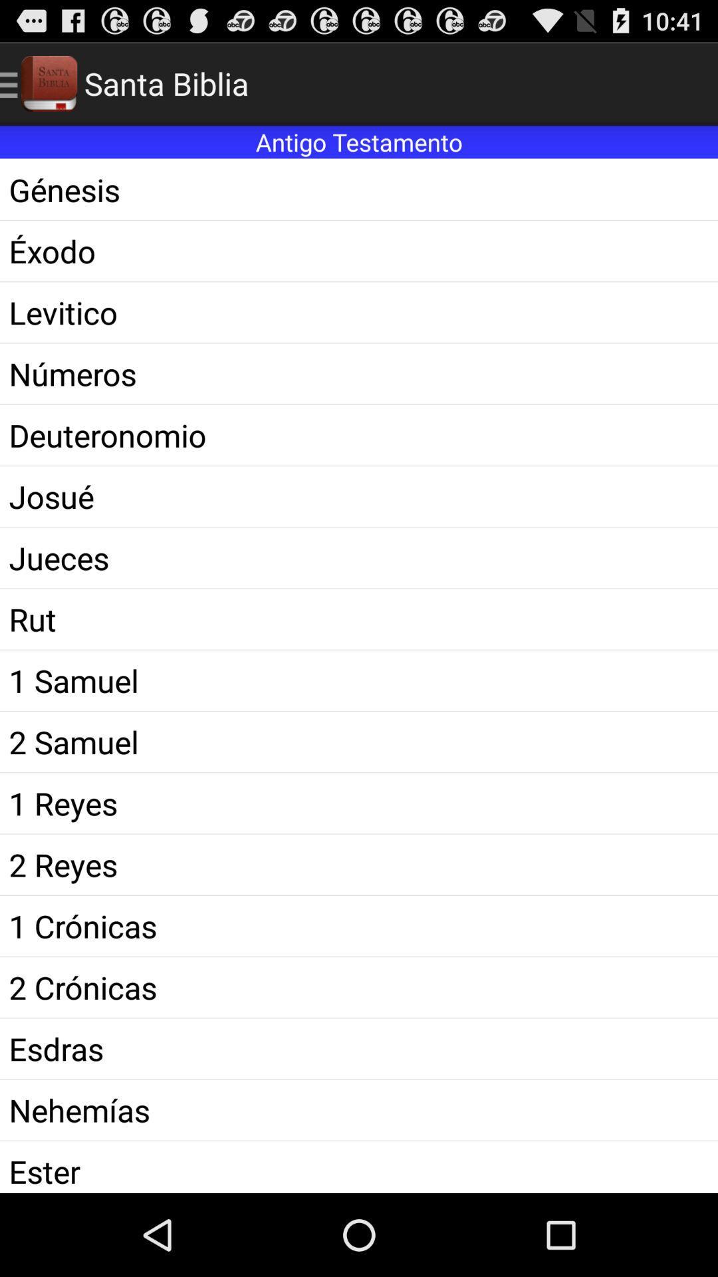  I want to click on the app above the jueces, so click(359, 496).